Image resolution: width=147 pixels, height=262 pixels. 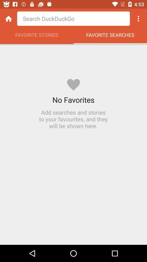 What do you see at coordinates (8, 19) in the screenshot?
I see `shows home icon` at bounding box center [8, 19].